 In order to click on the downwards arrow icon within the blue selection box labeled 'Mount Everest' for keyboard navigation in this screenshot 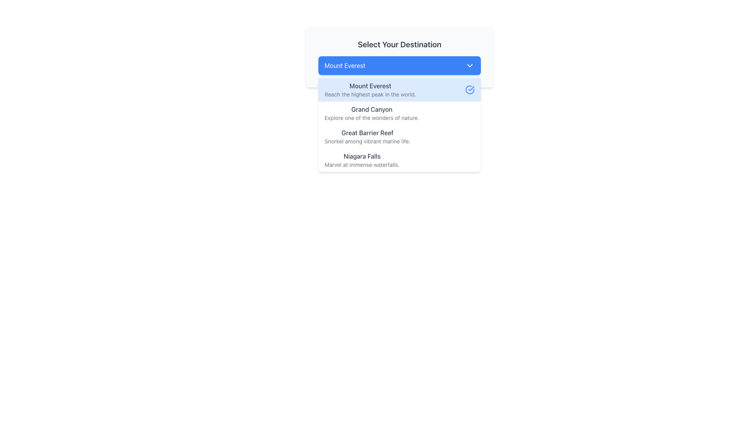, I will do `click(470, 65)`.